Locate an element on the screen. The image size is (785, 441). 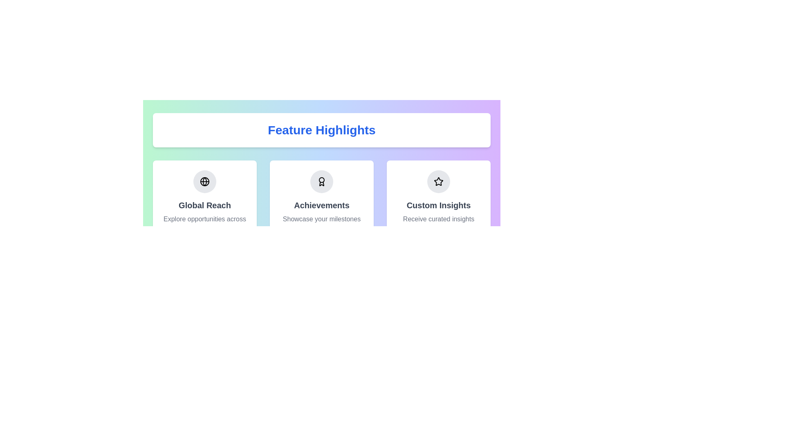
the Feature card titled 'Achievements', which has a white background and rounded edges, located in the middle of a three-column layout is located at coordinates (321, 206).